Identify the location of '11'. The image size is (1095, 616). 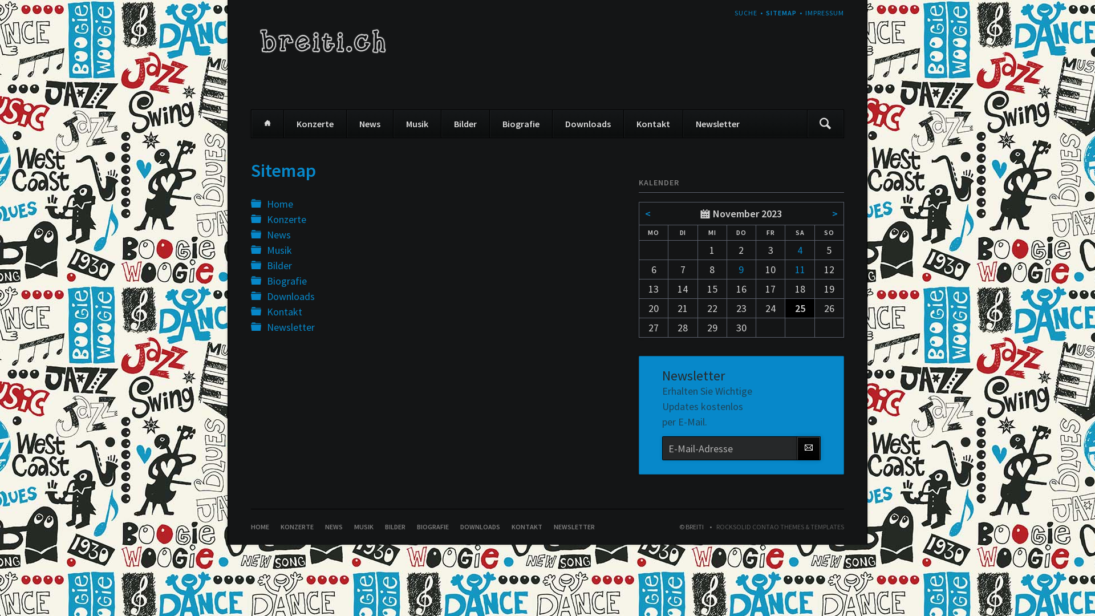
(799, 269).